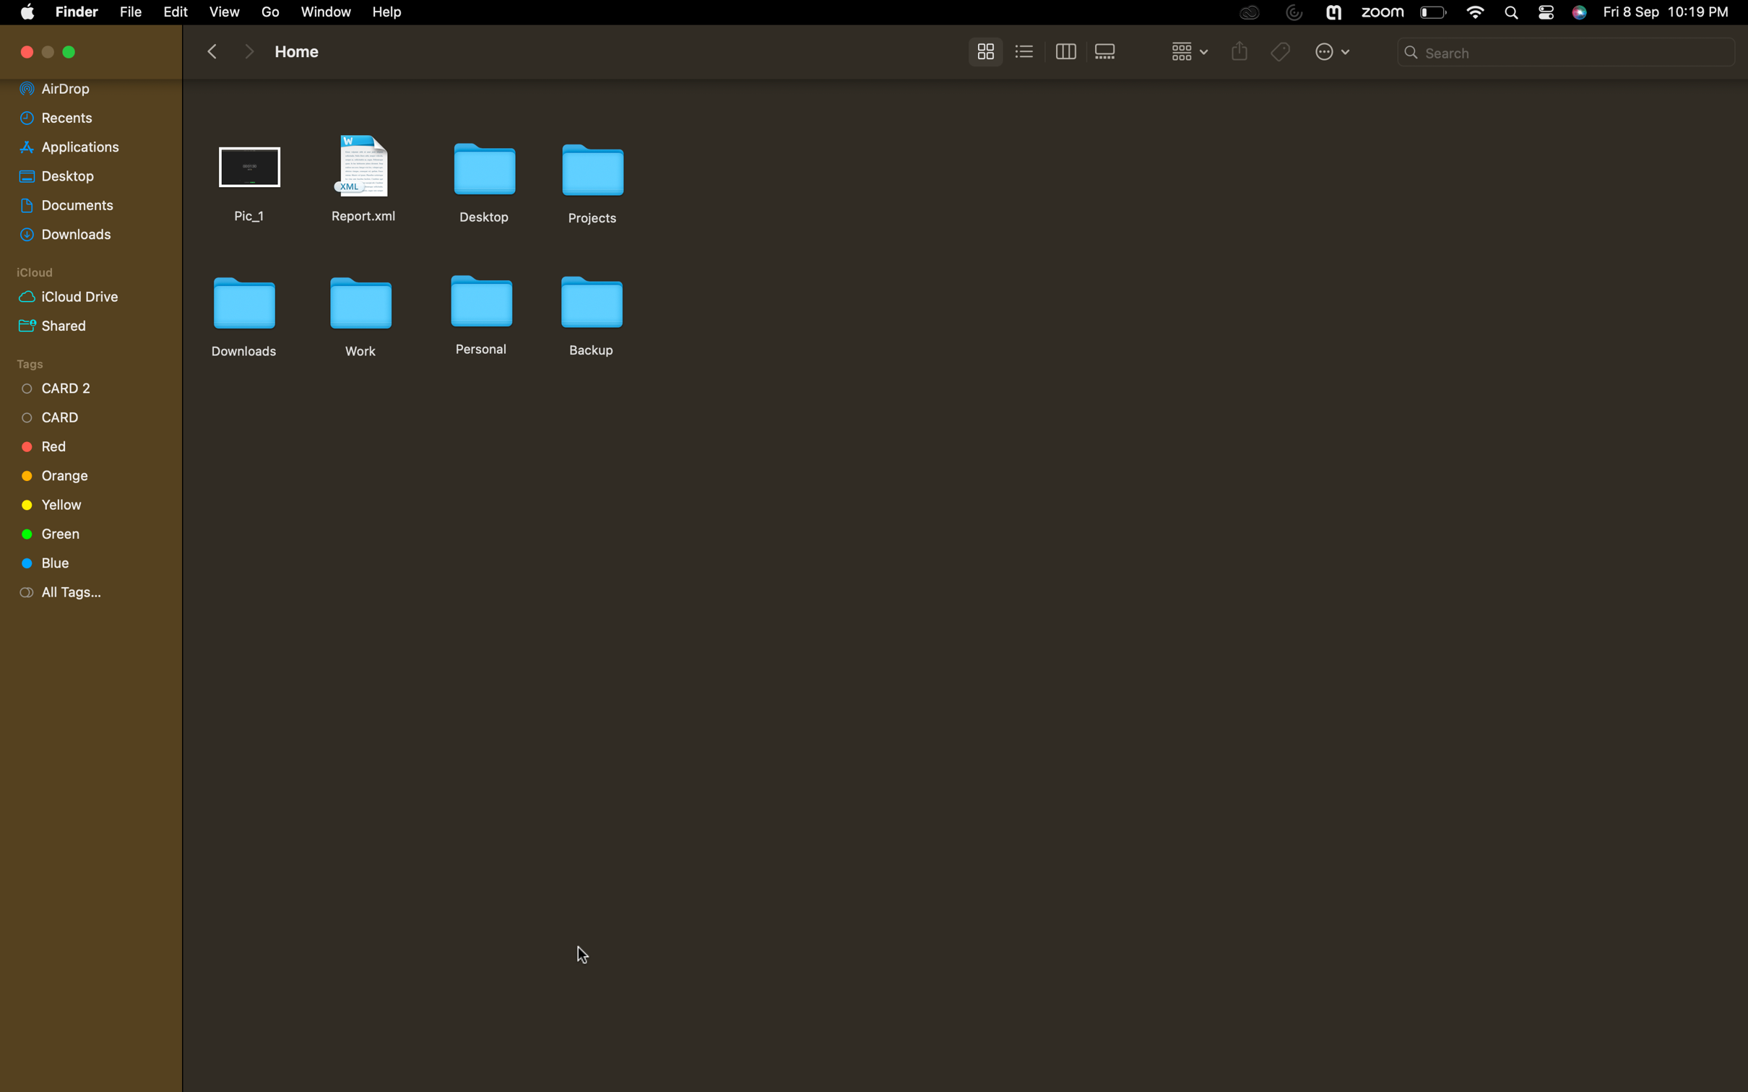 Image resolution: width=1748 pixels, height=1092 pixels. What do you see at coordinates (1065, 53) in the screenshot?
I see `Move to tab view` at bounding box center [1065, 53].